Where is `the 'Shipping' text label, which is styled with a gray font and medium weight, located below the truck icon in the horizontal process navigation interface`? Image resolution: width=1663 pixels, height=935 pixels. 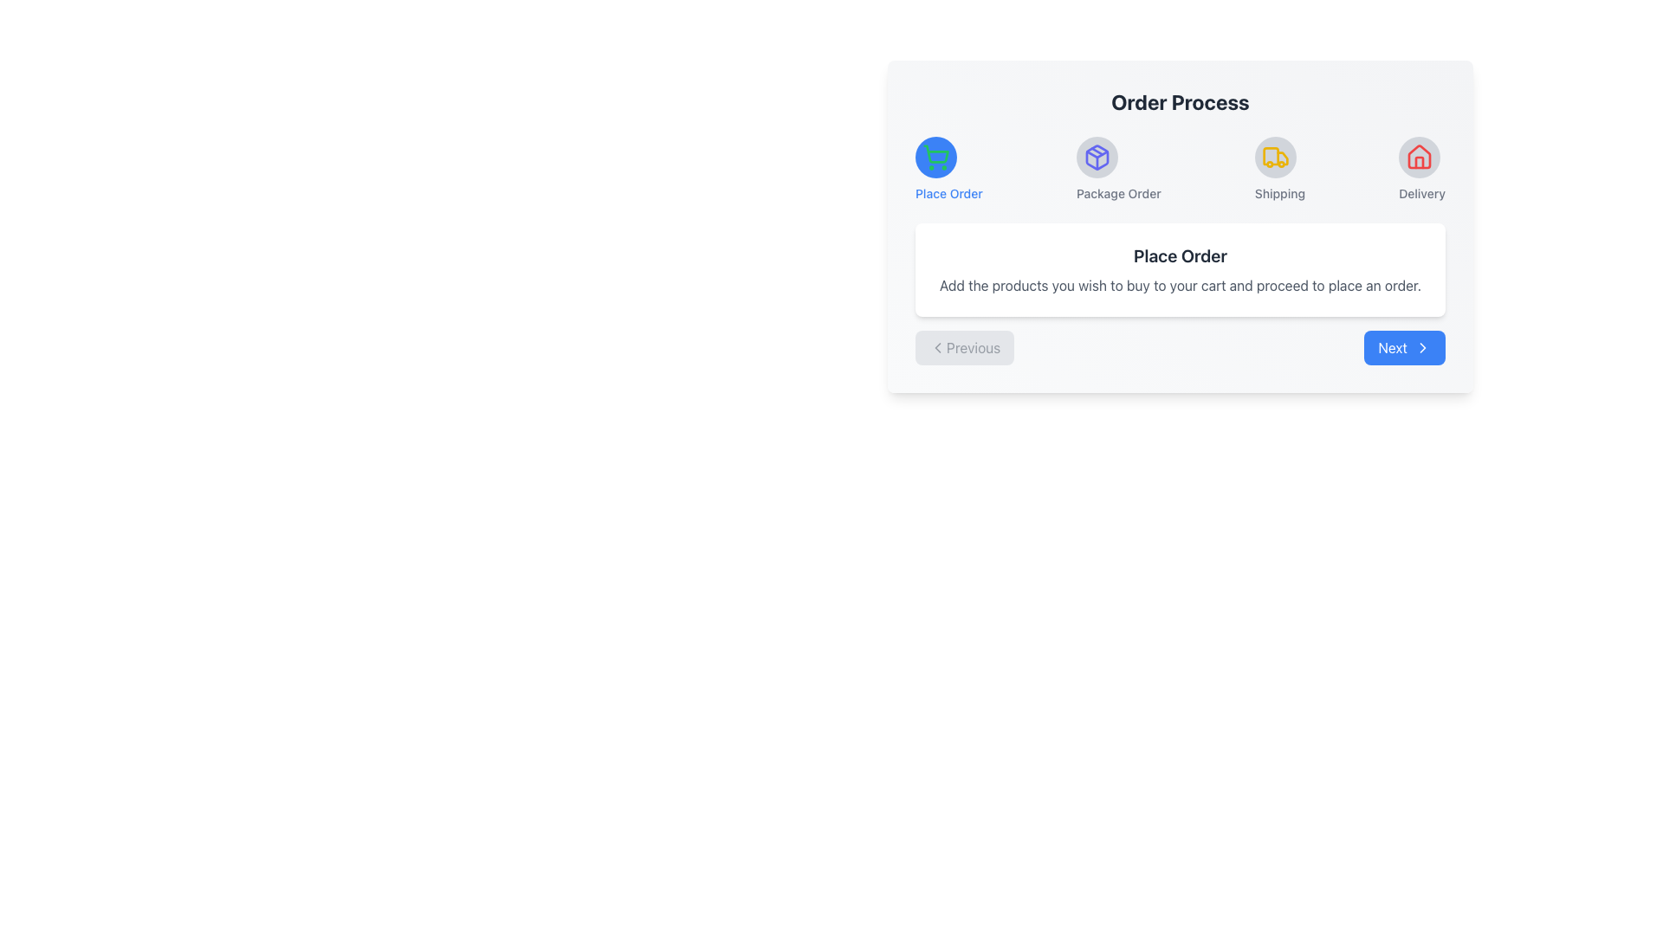 the 'Shipping' text label, which is styled with a gray font and medium weight, located below the truck icon in the horizontal process navigation interface is located at coordinates (1280, 193).